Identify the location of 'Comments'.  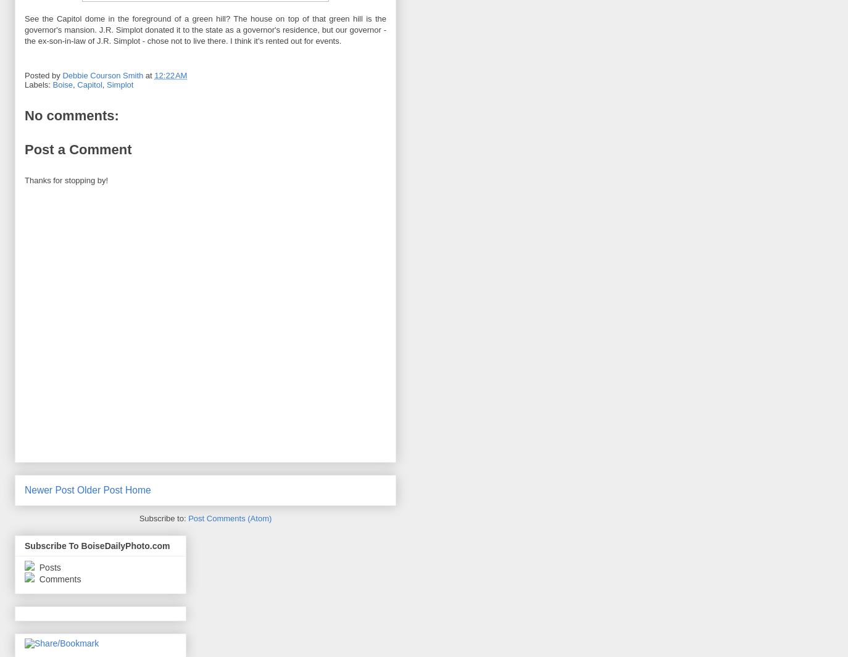
(35, 579).